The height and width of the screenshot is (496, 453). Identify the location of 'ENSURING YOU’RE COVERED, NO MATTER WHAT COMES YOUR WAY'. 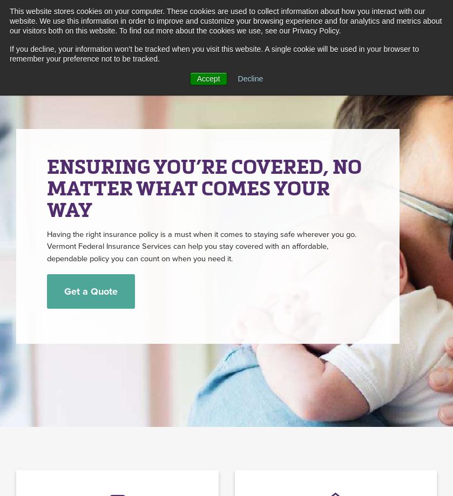
(46, 186).